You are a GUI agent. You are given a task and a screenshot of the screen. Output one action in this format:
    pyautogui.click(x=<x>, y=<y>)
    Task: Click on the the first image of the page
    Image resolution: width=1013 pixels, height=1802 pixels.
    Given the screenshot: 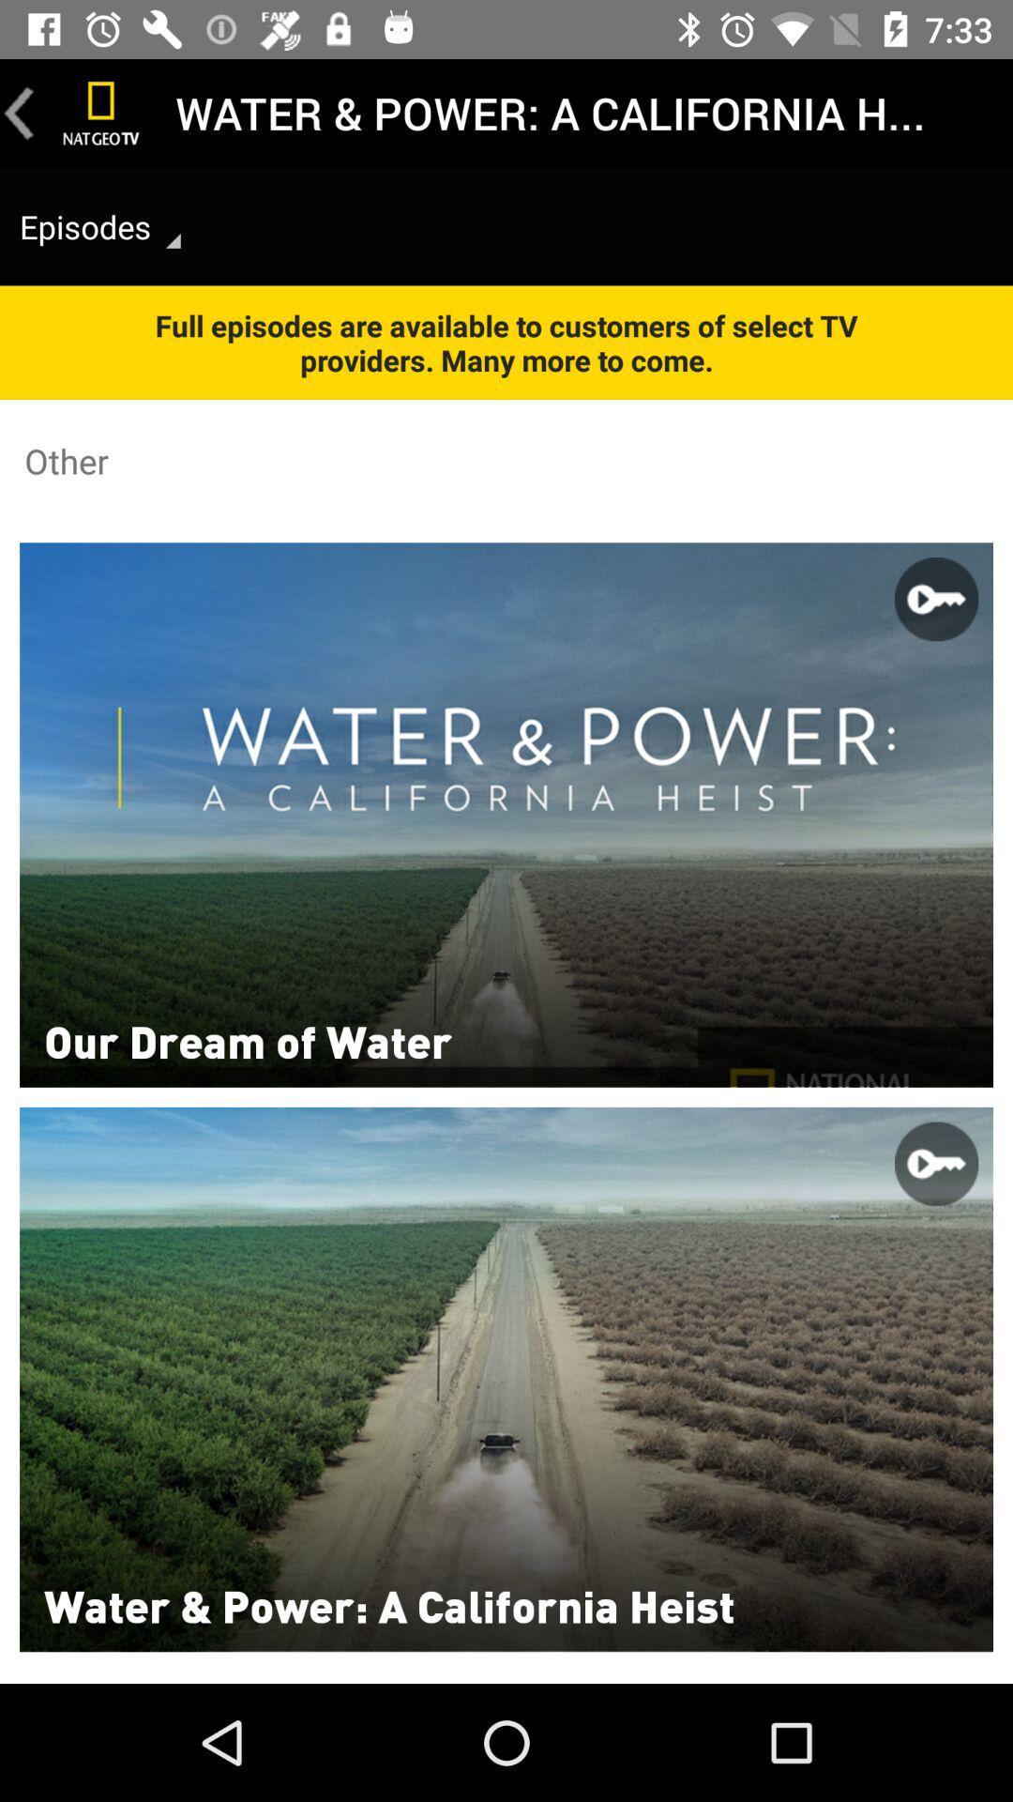 What is the action you would take?
    pyautogui.click(x=506, y=815)
    